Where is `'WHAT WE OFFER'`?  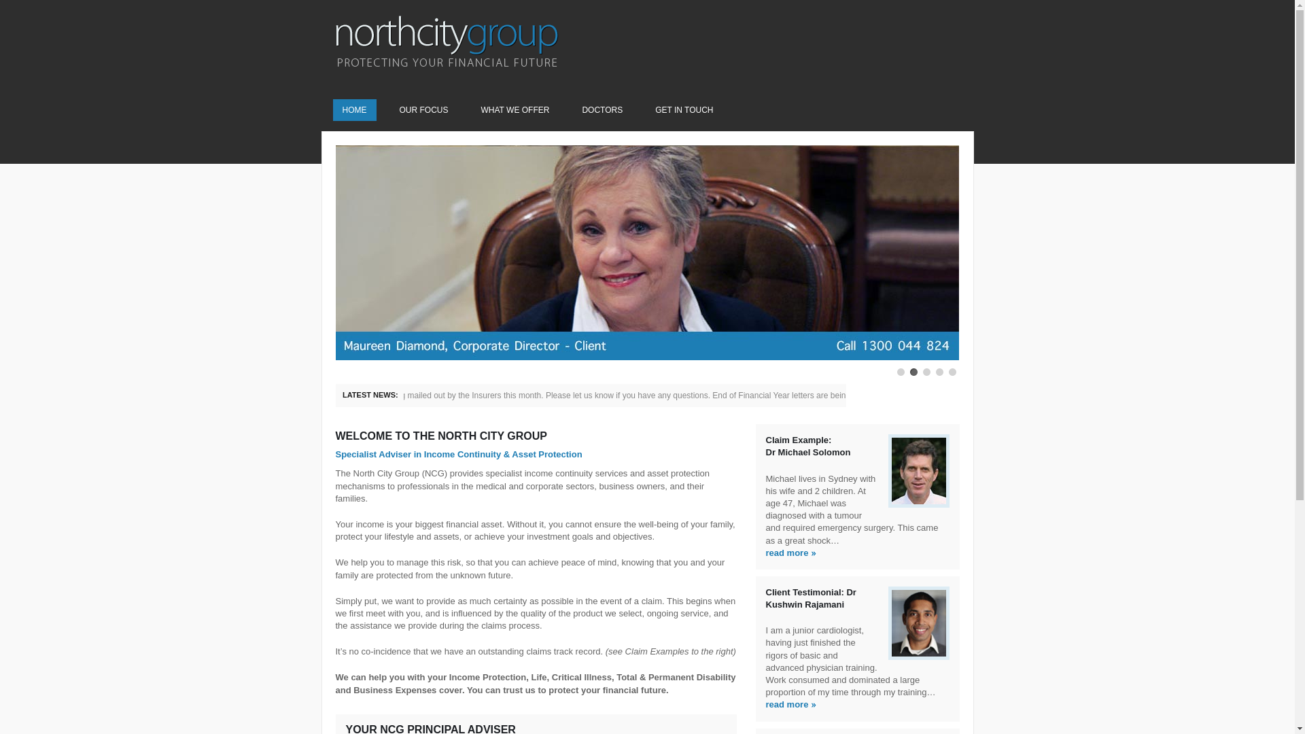
'WHAT WE OFFER' is located at coordinates (472, 109).